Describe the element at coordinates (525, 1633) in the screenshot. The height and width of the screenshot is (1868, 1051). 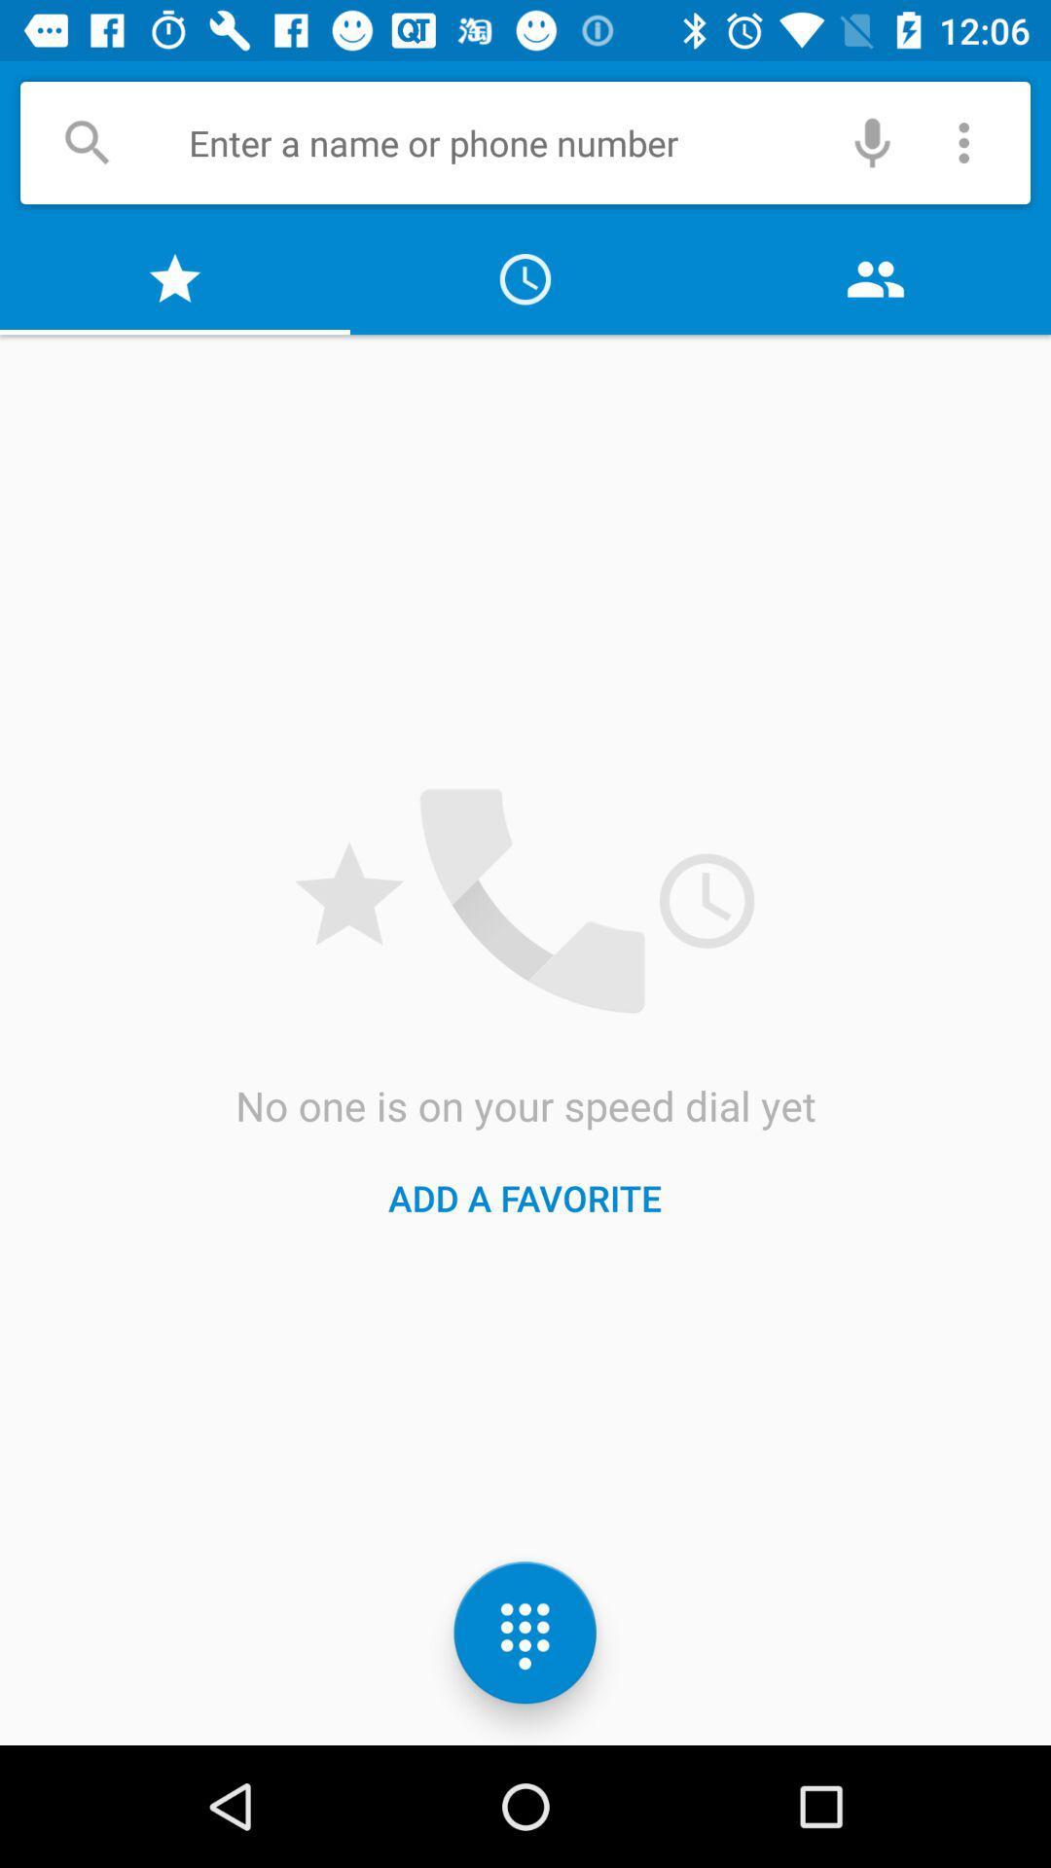
I see `the dialpad icon` at that location.